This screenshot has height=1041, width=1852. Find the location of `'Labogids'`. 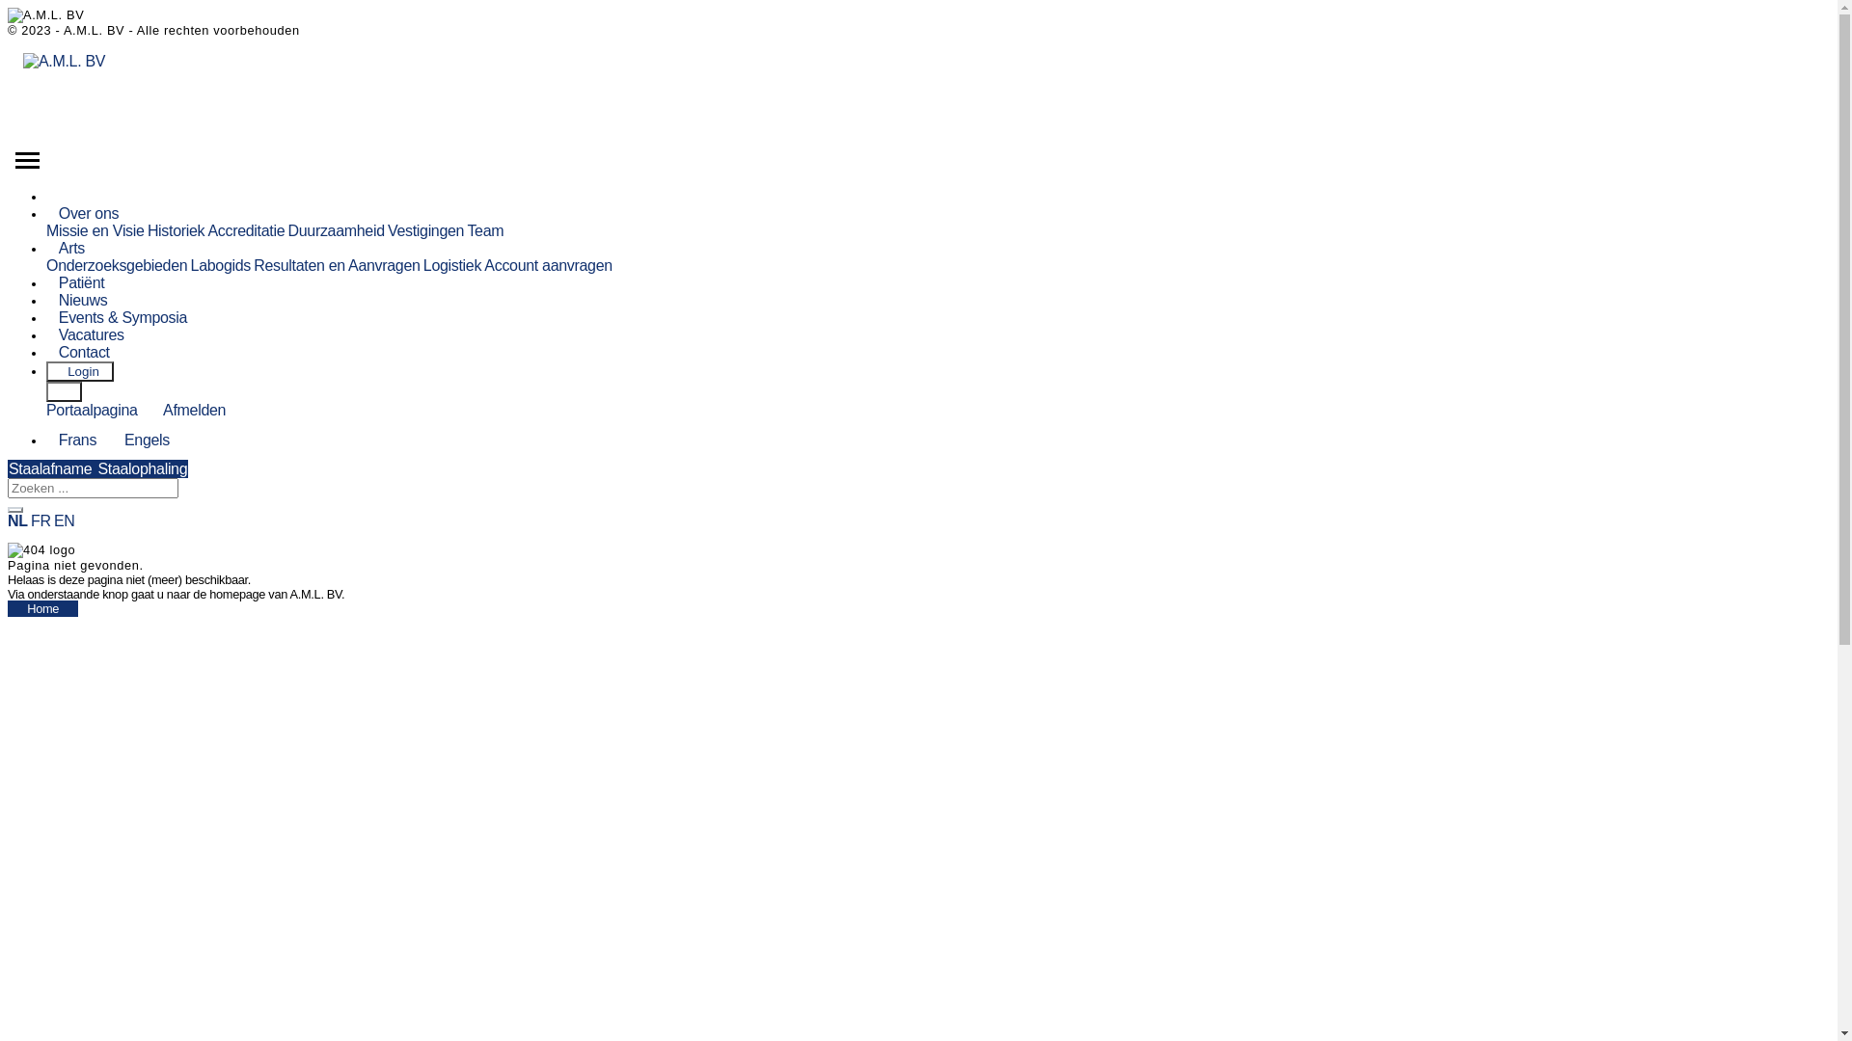

'Labogids' is located at coordinates (190, 265).